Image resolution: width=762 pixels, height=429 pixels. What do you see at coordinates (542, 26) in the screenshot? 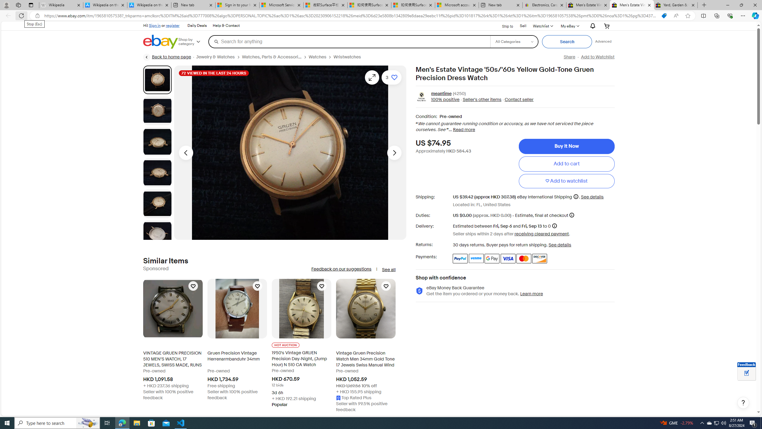
I see `'WatchlistExpand Watch List'` at bounding box center [542, 26].